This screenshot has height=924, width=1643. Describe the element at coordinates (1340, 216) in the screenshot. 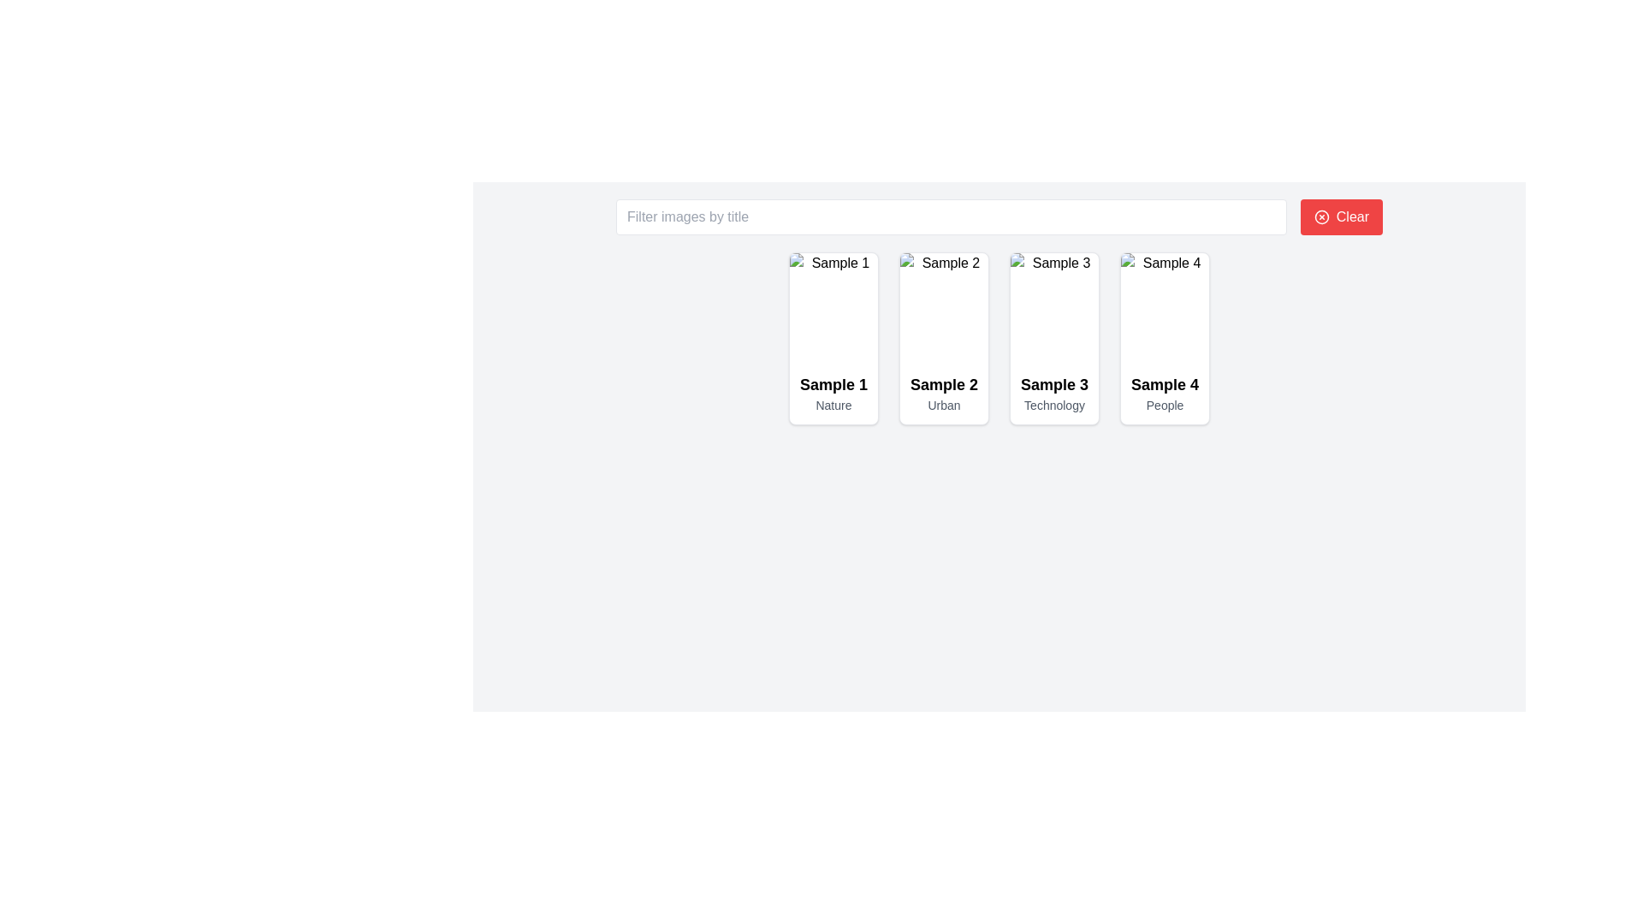

I see `the prominent red 'Clear' button with rounded corners, featuring white text and a circular 'X' icon` at that location.